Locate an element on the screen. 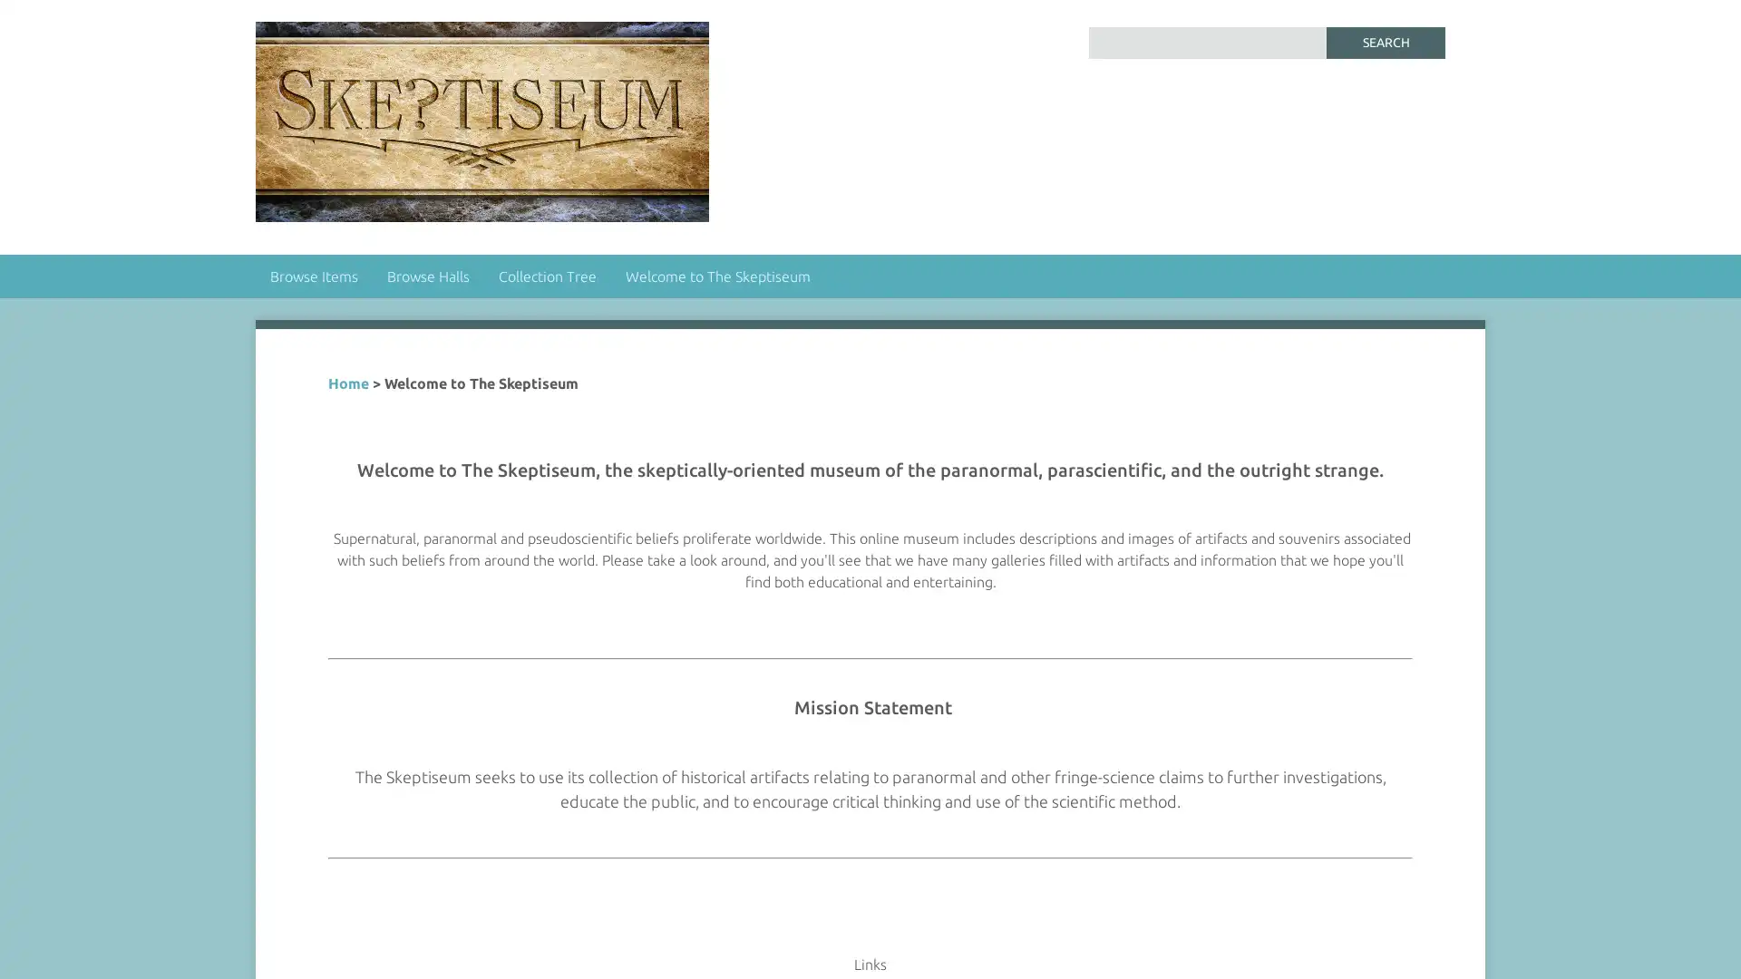 The height and width of the screenshot is (979, 1741). Search is located at coordinates (1384, 42).